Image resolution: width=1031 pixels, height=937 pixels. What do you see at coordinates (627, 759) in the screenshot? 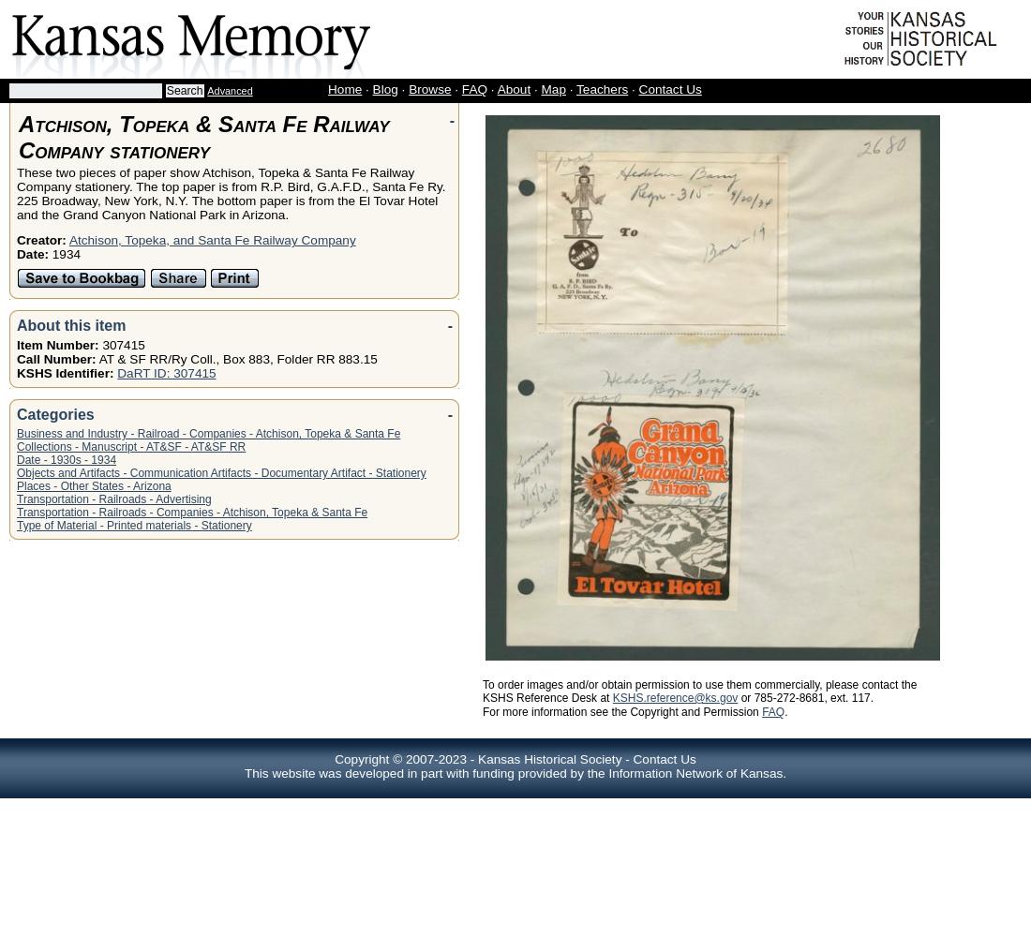
I see `'-'` at bounding box center [627, 759].